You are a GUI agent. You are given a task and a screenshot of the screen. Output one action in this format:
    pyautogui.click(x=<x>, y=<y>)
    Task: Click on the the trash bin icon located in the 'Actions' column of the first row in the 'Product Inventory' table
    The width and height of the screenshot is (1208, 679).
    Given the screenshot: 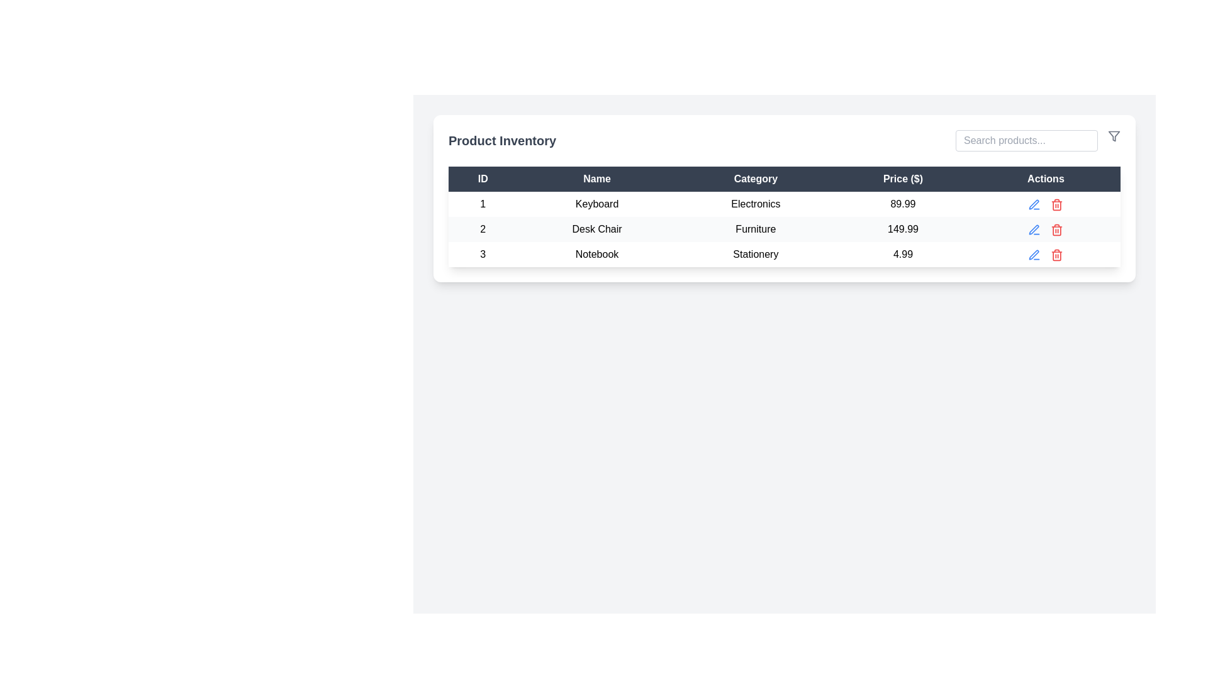 What is the action you would take?
    pyautogui.click(x=1057, y=204)
    